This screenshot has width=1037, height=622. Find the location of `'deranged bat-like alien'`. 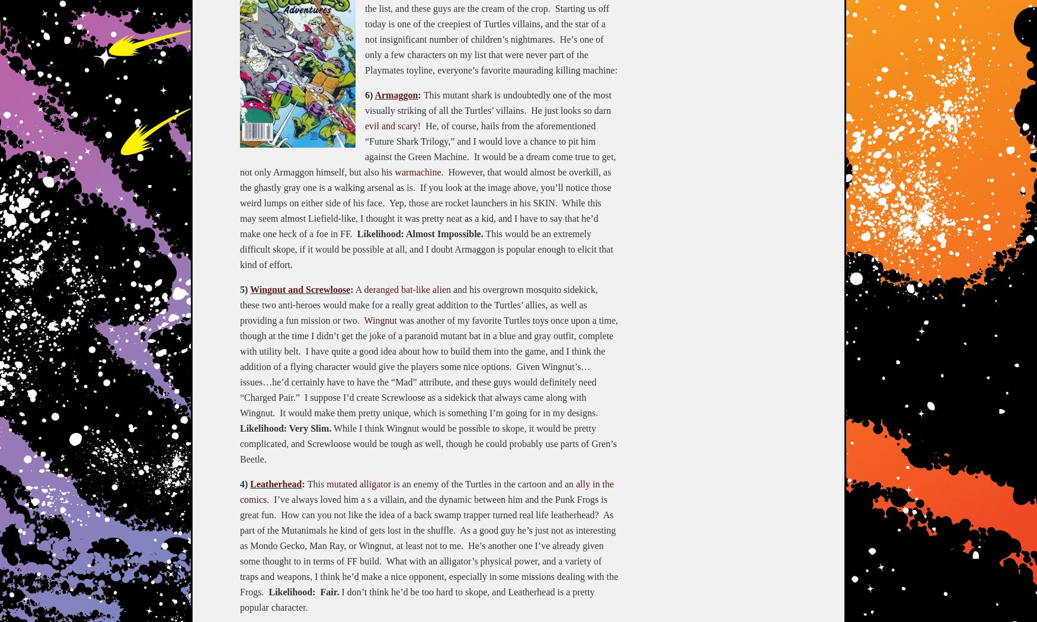

'deranged bat-like alien' is located at coordinates (407, 288).